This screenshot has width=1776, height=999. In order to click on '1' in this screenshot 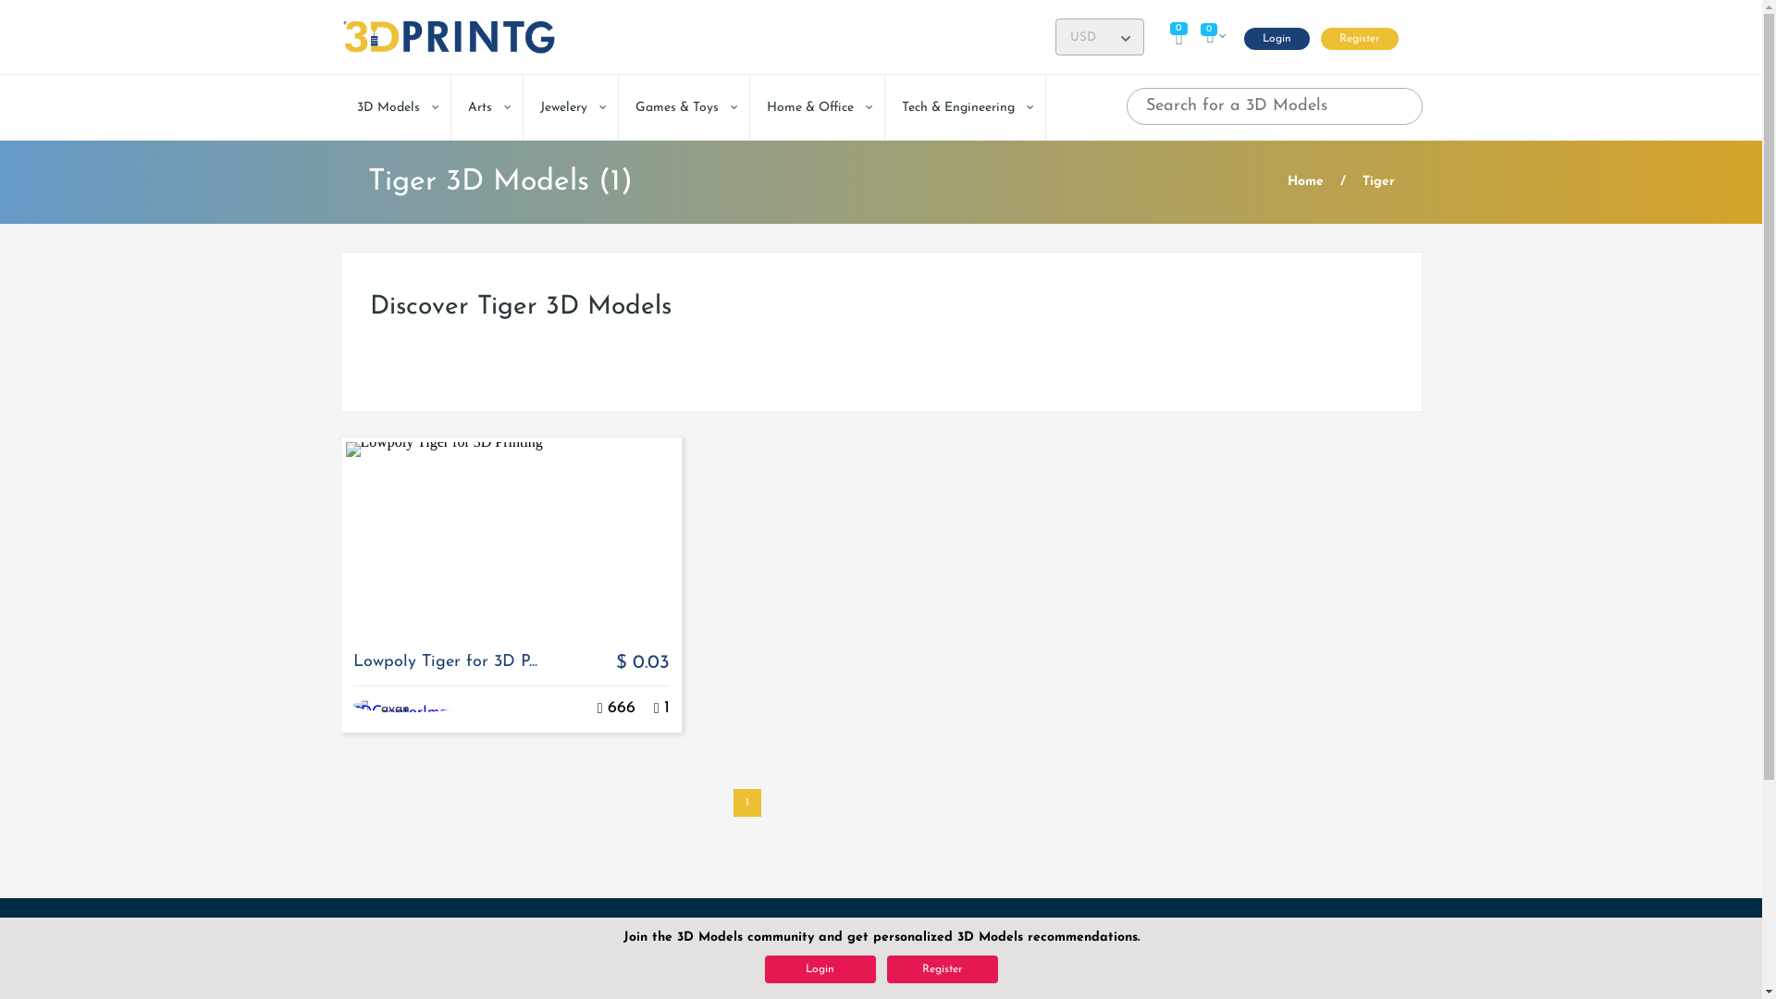, I will do `click(746, 801)`.